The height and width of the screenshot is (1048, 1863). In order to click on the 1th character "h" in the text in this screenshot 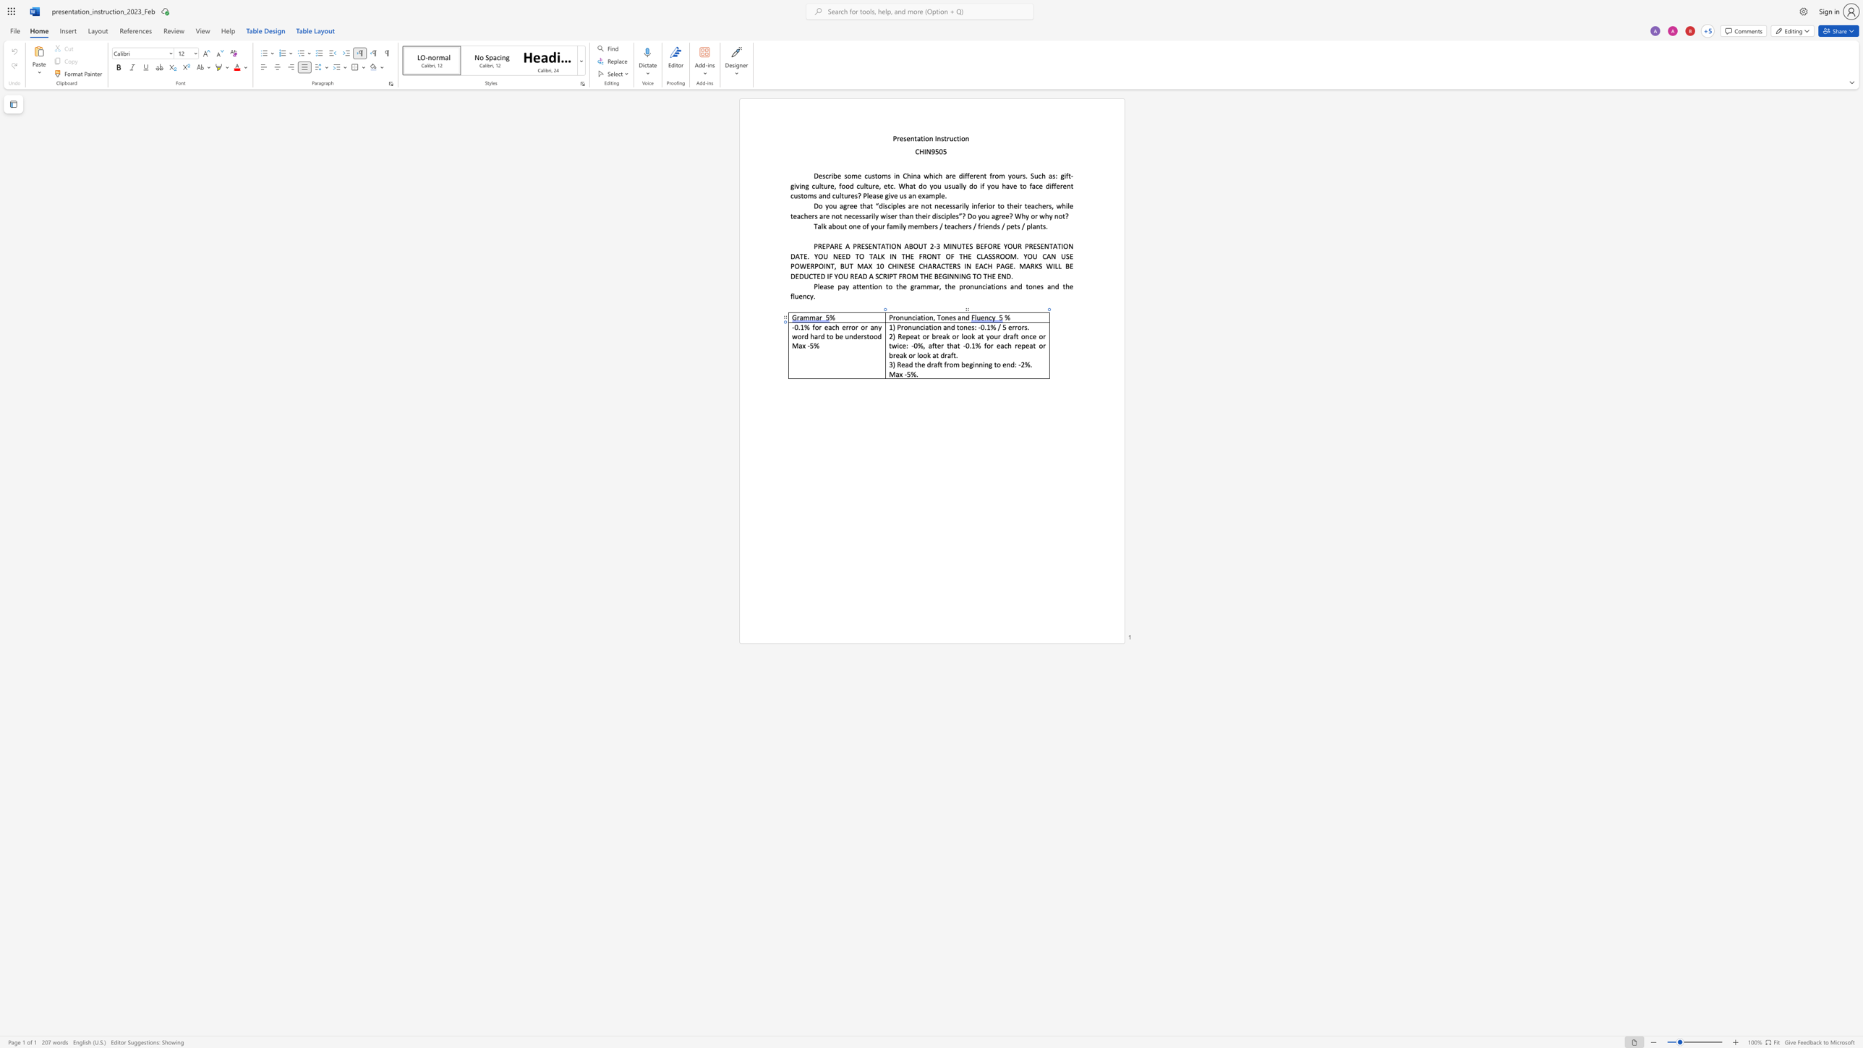, I will do `click(951, 345)`.